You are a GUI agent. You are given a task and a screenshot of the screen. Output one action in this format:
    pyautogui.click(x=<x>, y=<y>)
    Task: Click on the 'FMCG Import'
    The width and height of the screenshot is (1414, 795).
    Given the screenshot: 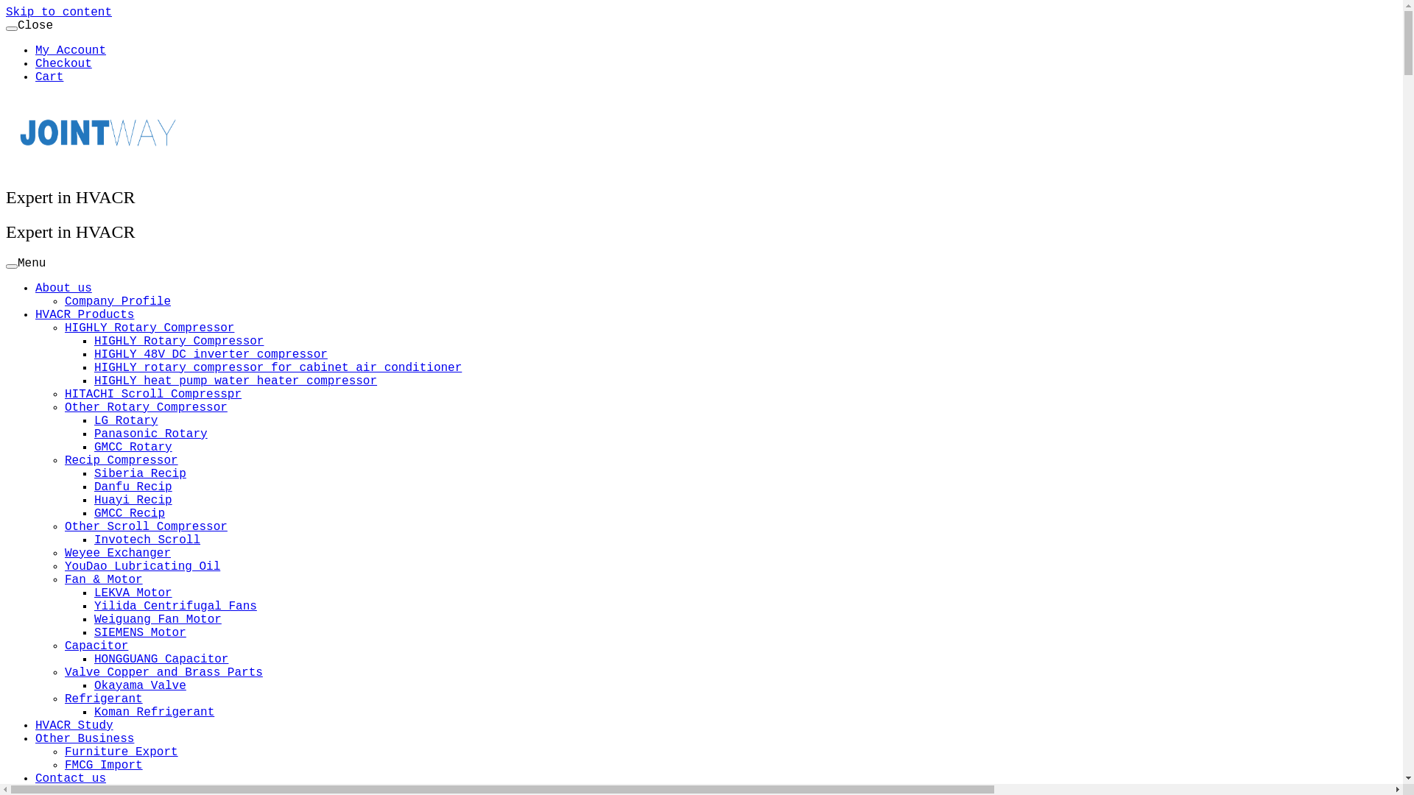 What is the action you would take?
    pyautogui.click(x=102, y=765)
    